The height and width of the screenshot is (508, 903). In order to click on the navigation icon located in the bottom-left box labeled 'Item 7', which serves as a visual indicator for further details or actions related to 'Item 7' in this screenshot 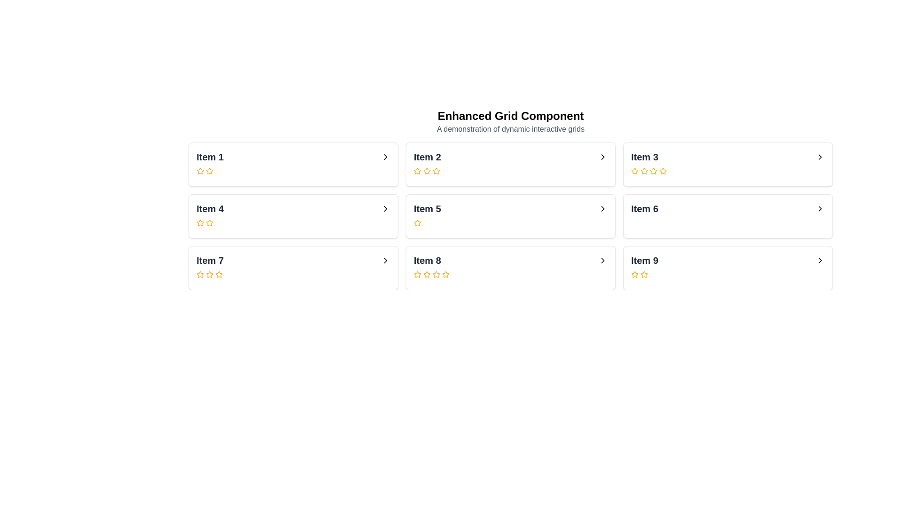, I will do `click(386, 261)`.